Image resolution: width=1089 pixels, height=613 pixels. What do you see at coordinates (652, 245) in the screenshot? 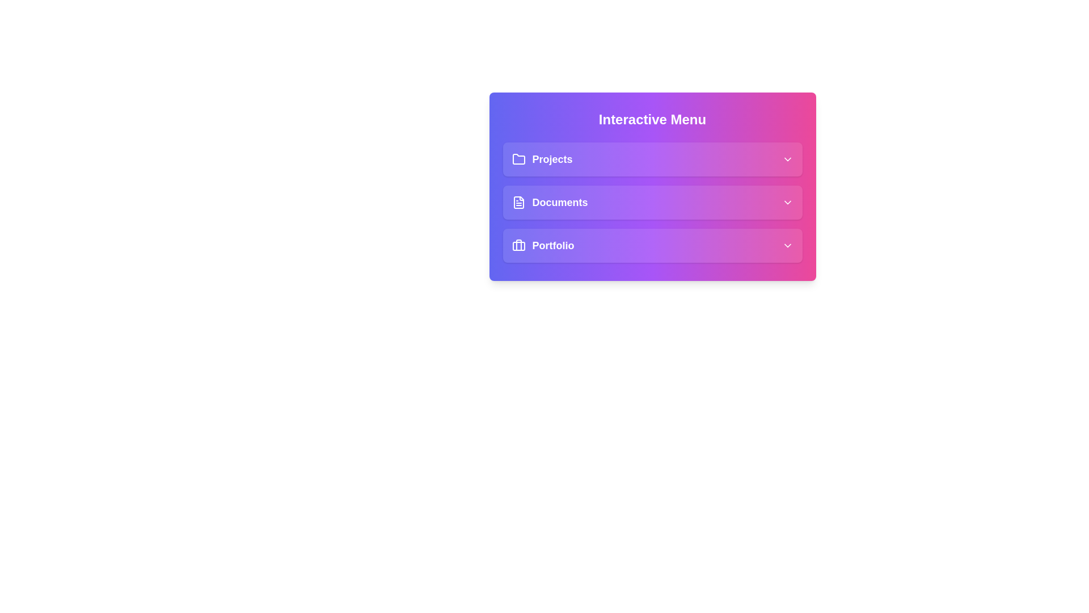
I see `the third menu option labeled 'Portfolio' to open additional options related to it` at bounding box center [652, 245].